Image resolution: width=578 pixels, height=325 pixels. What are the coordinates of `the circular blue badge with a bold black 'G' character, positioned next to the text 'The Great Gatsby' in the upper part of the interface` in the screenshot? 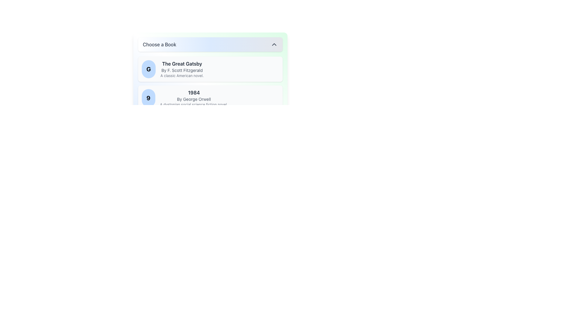 It's located at (148, 69).